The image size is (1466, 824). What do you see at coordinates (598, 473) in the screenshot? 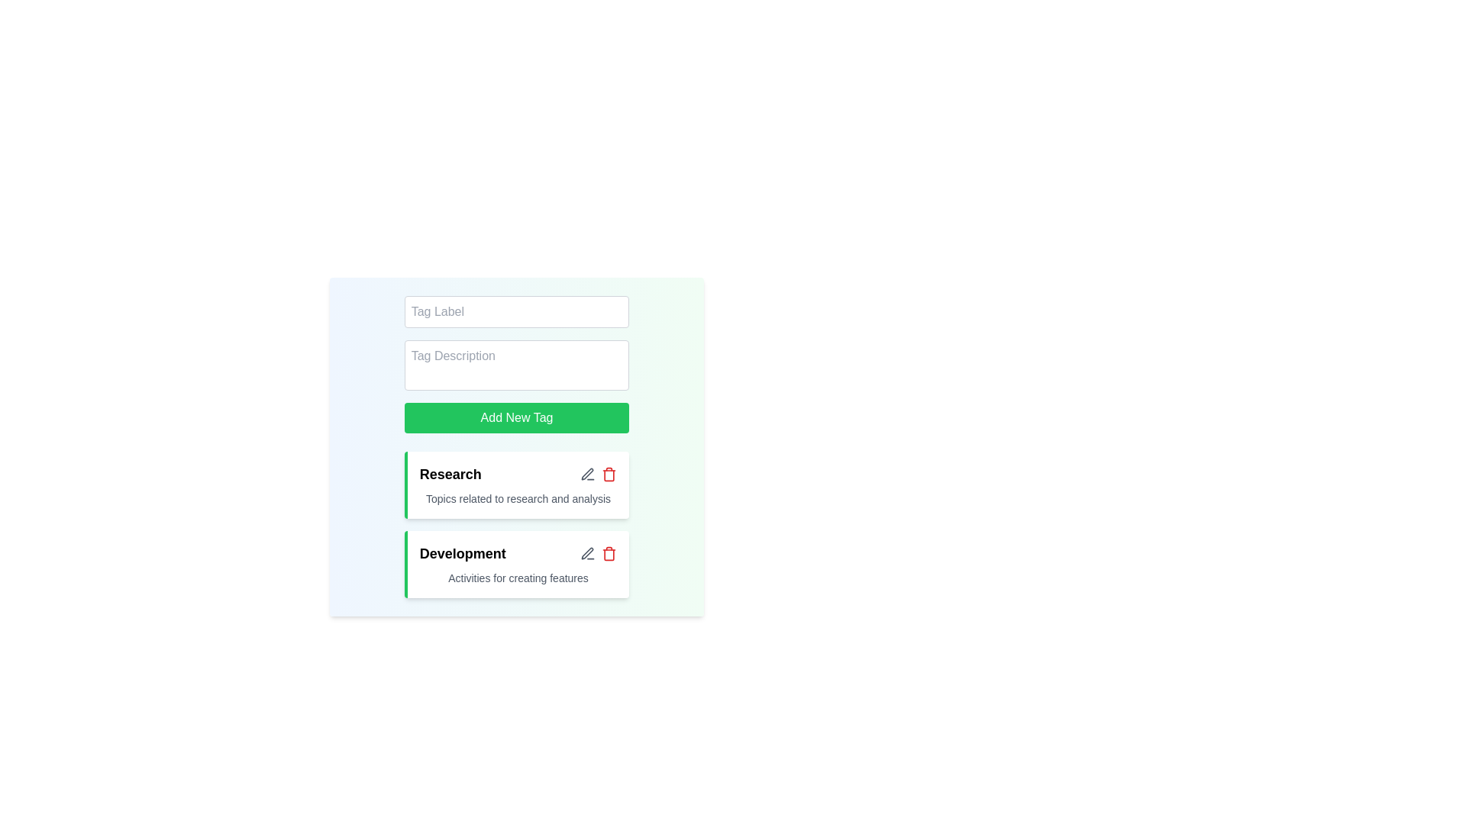
I see `the pen icon in the control group containing edit and delete buttons, which is located to the right of the 'Research' label and above the 'Development' label` at bounding box center [598, 473].